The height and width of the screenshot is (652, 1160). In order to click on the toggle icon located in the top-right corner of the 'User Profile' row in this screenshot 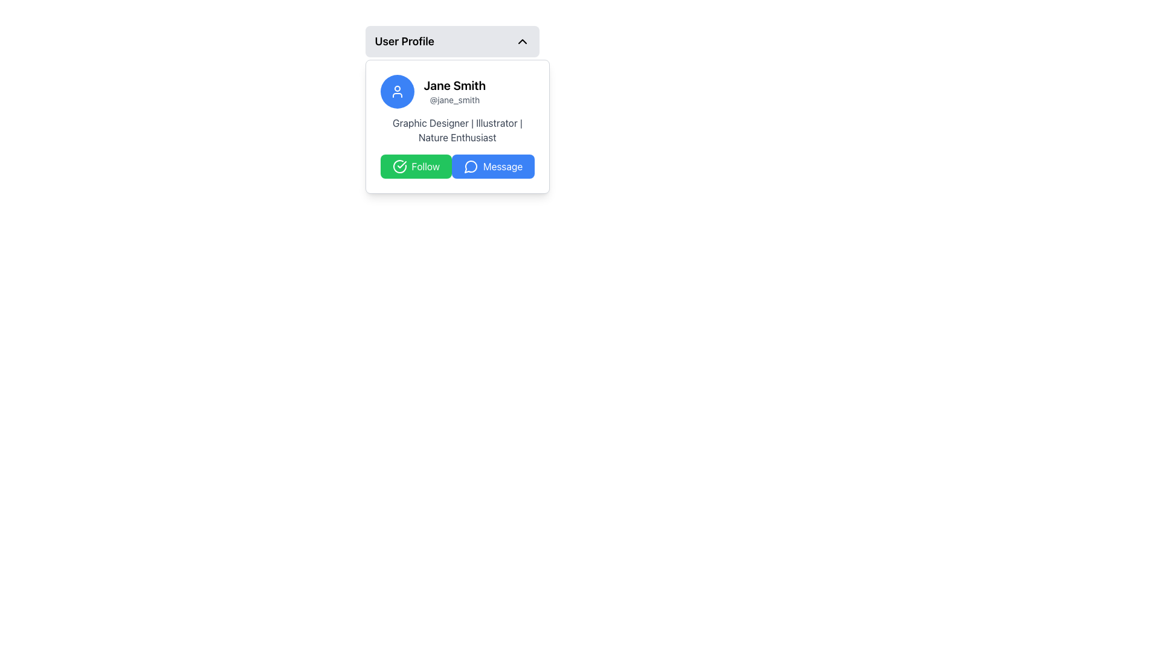, I will do `click(522, 41)`.